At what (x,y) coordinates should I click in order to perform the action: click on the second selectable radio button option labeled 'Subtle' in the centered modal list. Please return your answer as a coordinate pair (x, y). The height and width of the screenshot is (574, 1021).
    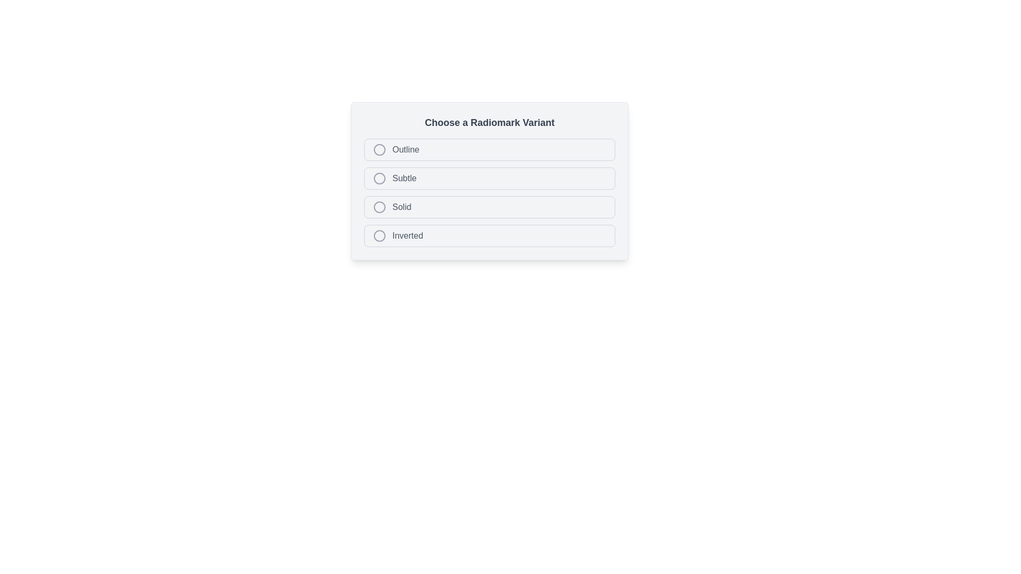
    Looking at the image, I should click on (489, 180).